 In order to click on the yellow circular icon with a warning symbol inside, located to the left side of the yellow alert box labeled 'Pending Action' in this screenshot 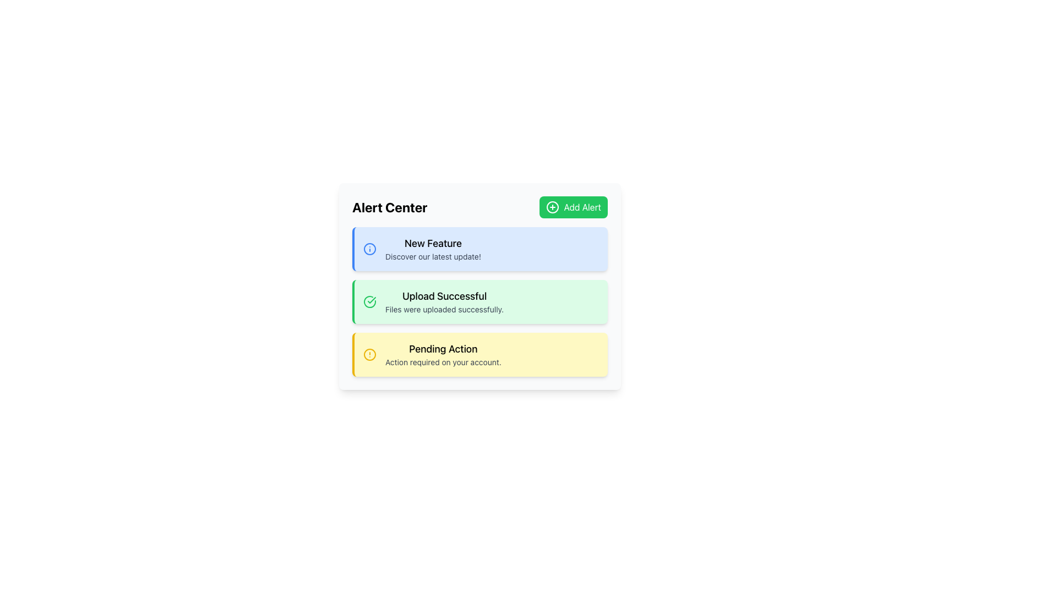, I will do `click(370, 354)`.